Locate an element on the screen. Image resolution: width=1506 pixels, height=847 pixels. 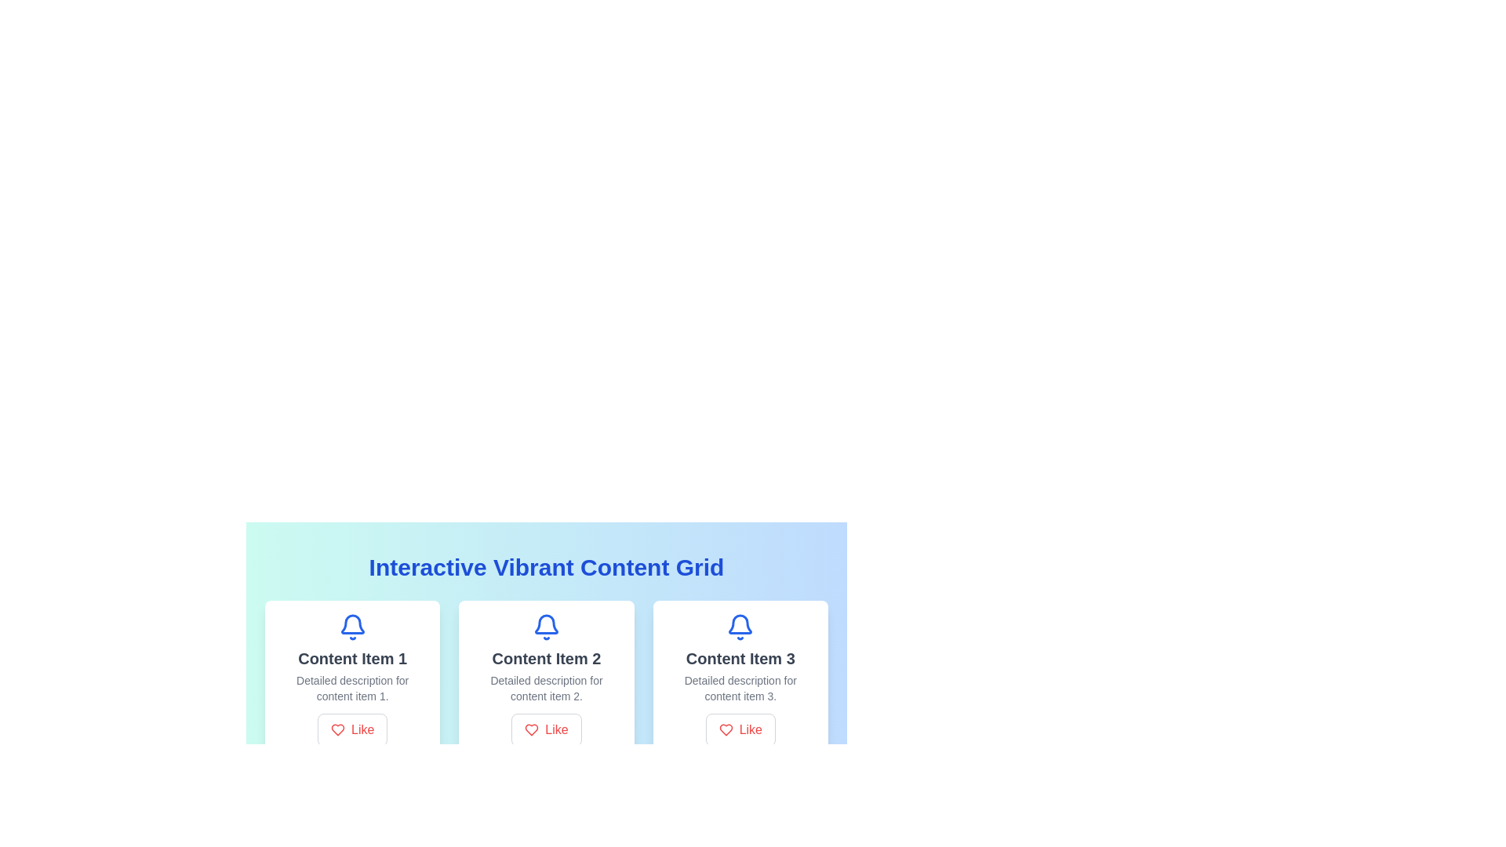
the blue bell icon located at the top center of the card titled 'Content Item 3', which has a clean outline design and shadow effect is located at coordinates (740, 626).